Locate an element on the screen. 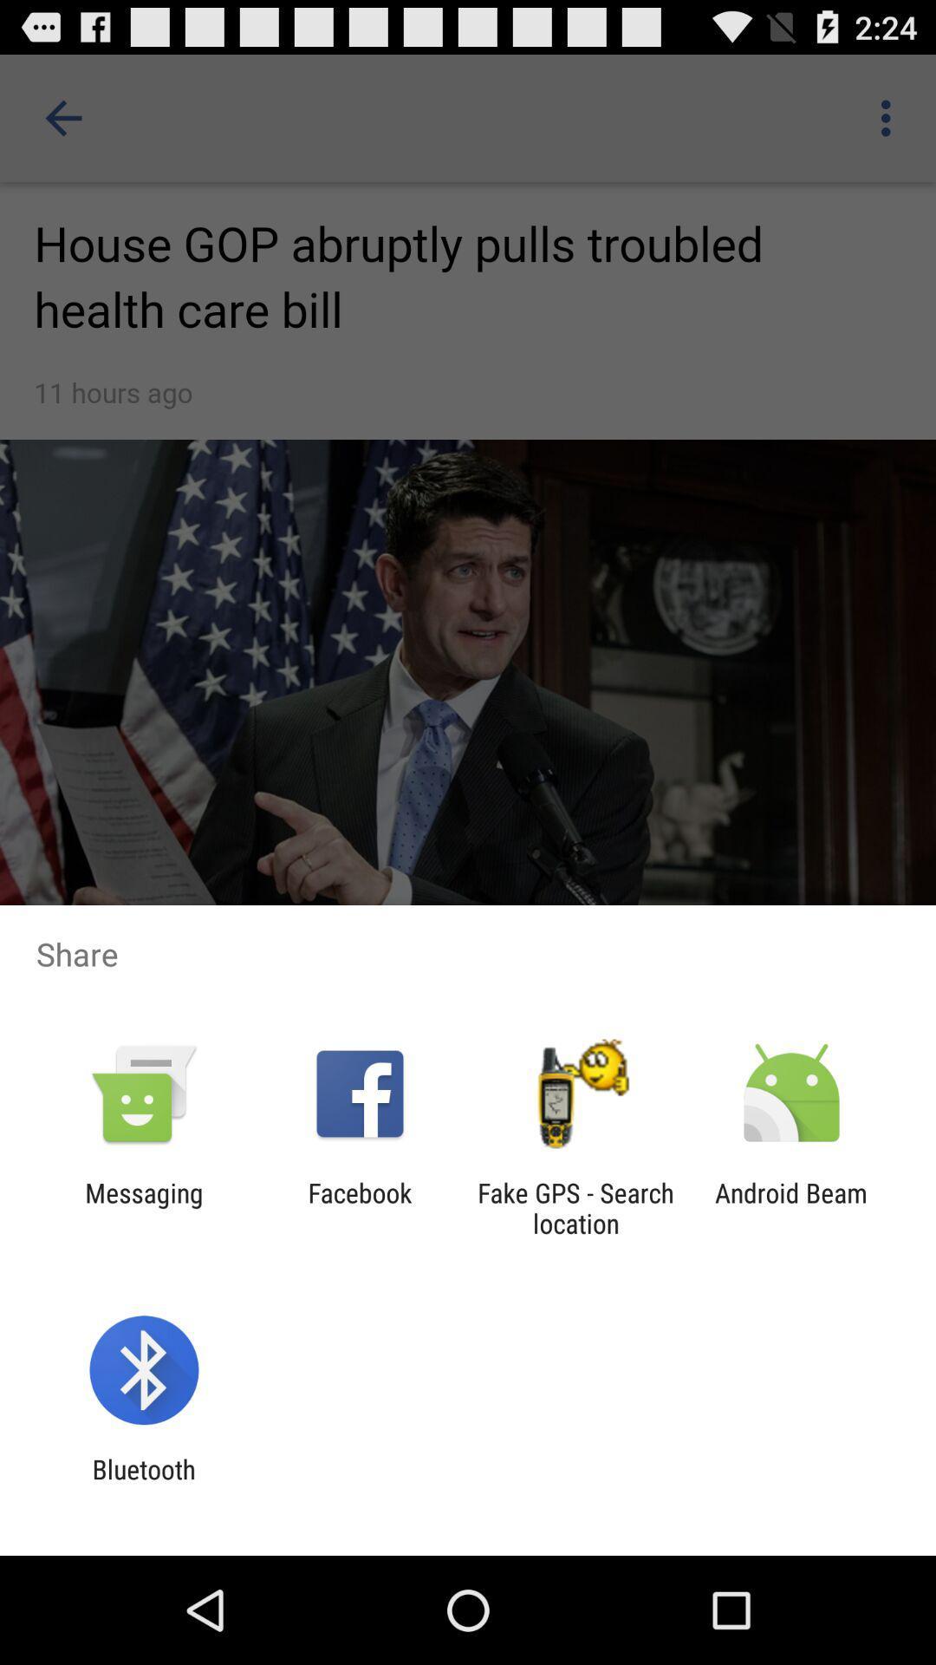  app to the left of fake gps search app is located at coordinates (359, 1207).